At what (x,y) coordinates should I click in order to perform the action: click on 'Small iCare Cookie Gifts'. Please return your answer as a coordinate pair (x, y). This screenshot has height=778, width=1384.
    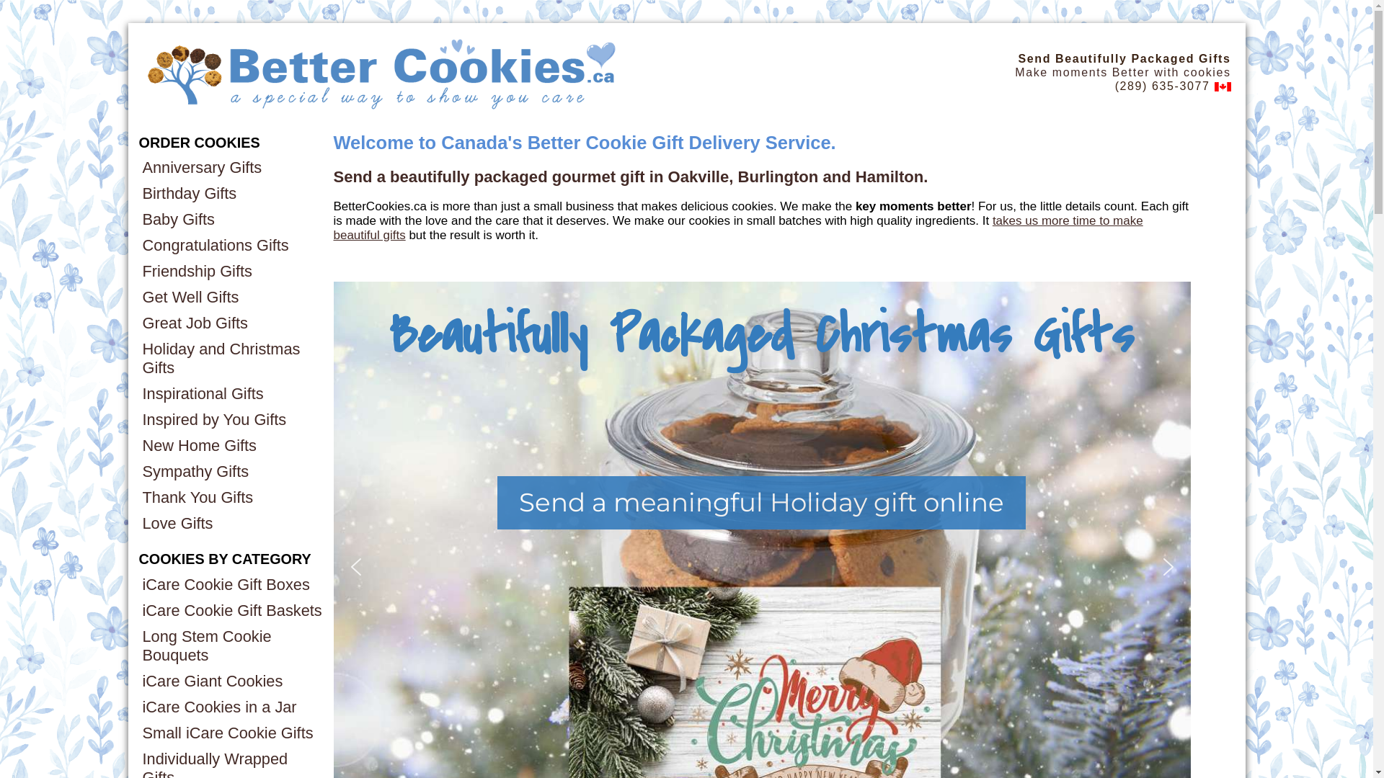
    Looking at the image, I should click on (231, 733).